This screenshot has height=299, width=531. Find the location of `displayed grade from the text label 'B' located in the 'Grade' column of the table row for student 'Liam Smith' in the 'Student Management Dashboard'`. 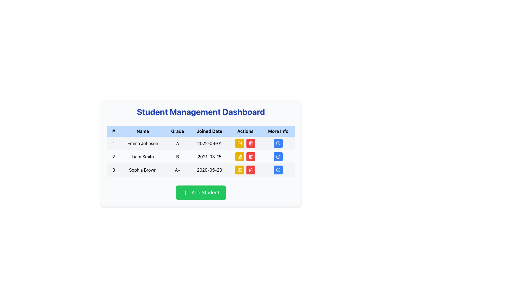

displayed grade from the text label 'B' located in the 'Grade' column of the table row for student 'Liam Smith' in the 'Student Management Dashboard' is located at coordinates (178, 157).